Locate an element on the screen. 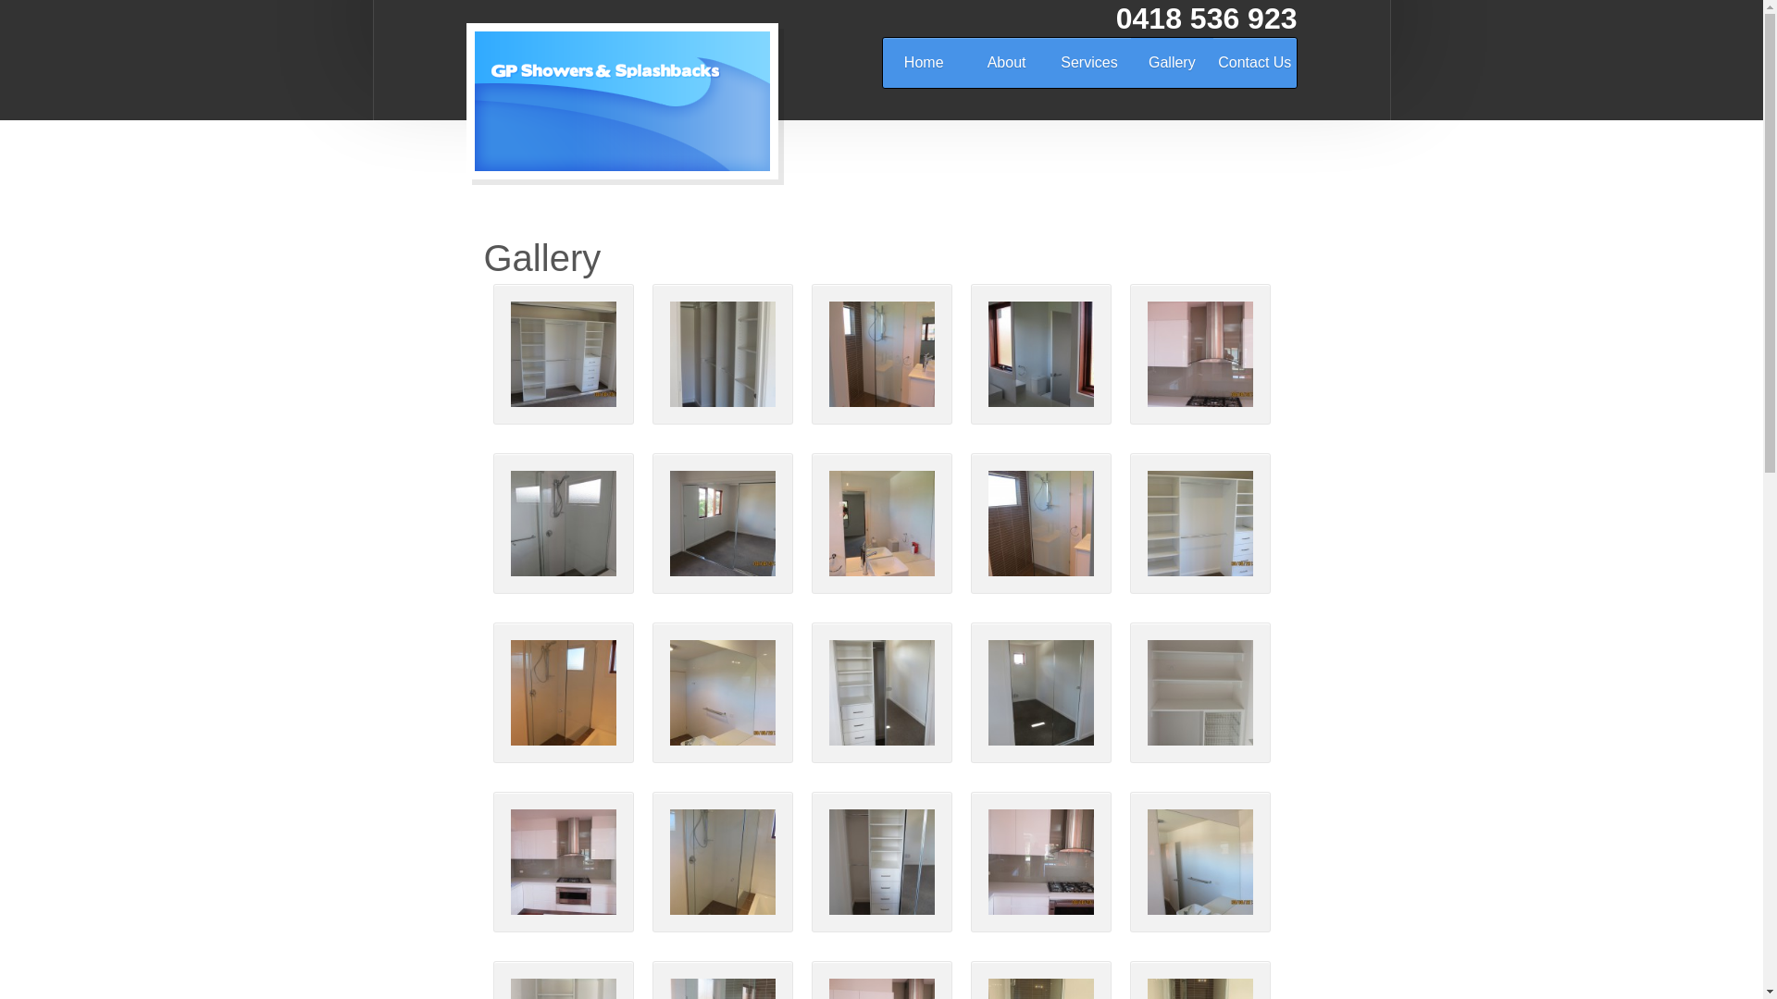  'Contact Us' is located at coordinates (1254, 62).